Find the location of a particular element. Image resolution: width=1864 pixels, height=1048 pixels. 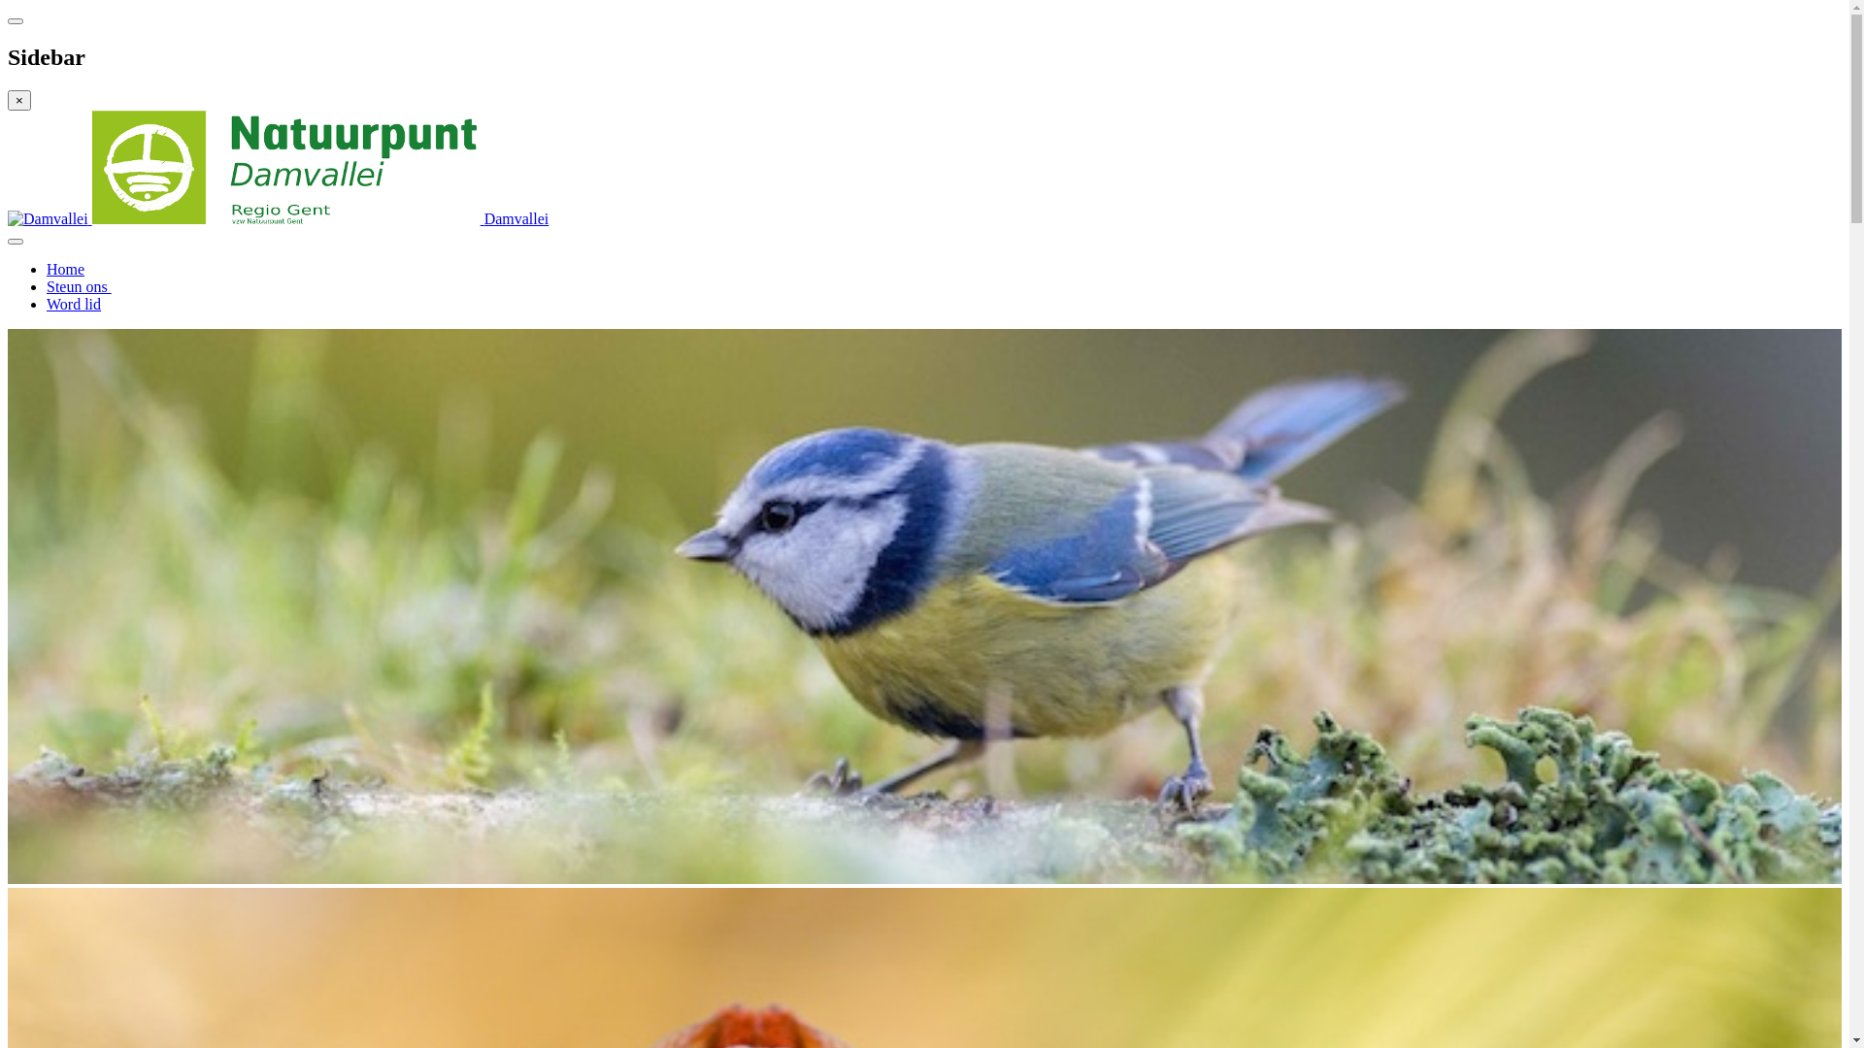

'Home' is located at coordinates (65, 269).